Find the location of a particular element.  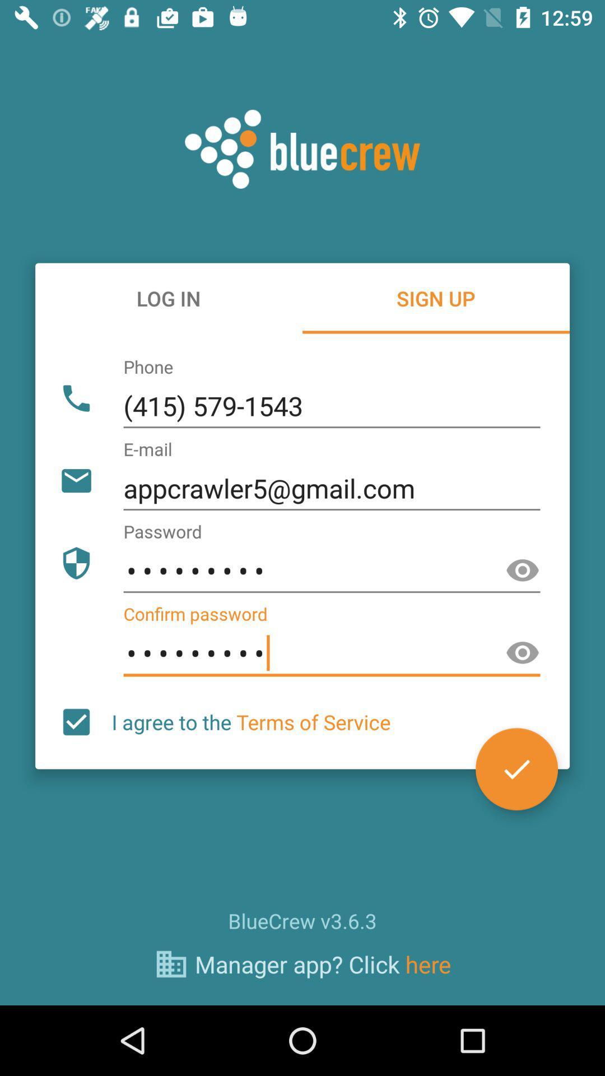

the password that has been entered is located at coordinates (523, 571).